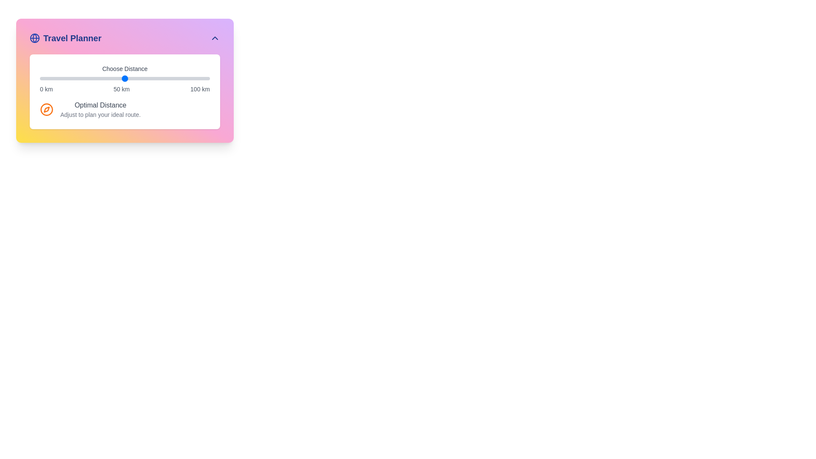  I want to click on the Range slider located in the 'Choose Distance' section, which is horizontally aligned below the 'Choose Distance' text and above the distance indicators '0 km', '50 km', and '100 km', so click(124, 79).